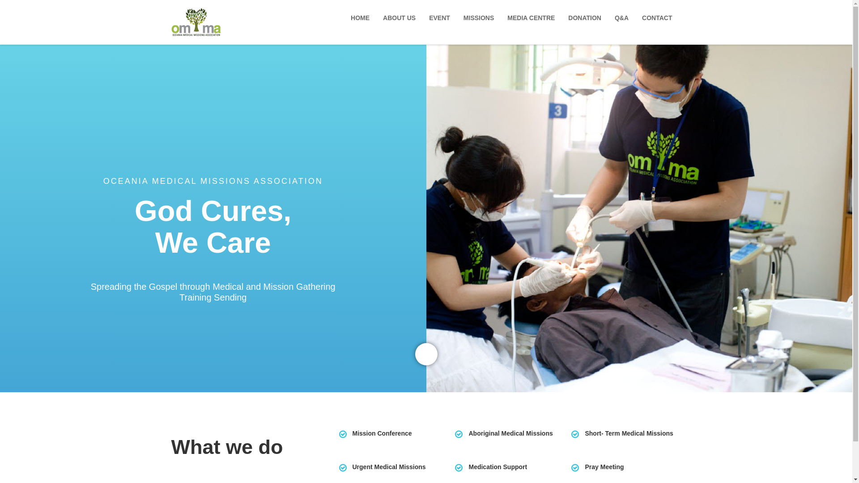 Image resolution: width=859 pixels, height=483 pixels. Describe the element at coordinates (659, 17) in the screenshot. I see `'CONTACT'` at that location.